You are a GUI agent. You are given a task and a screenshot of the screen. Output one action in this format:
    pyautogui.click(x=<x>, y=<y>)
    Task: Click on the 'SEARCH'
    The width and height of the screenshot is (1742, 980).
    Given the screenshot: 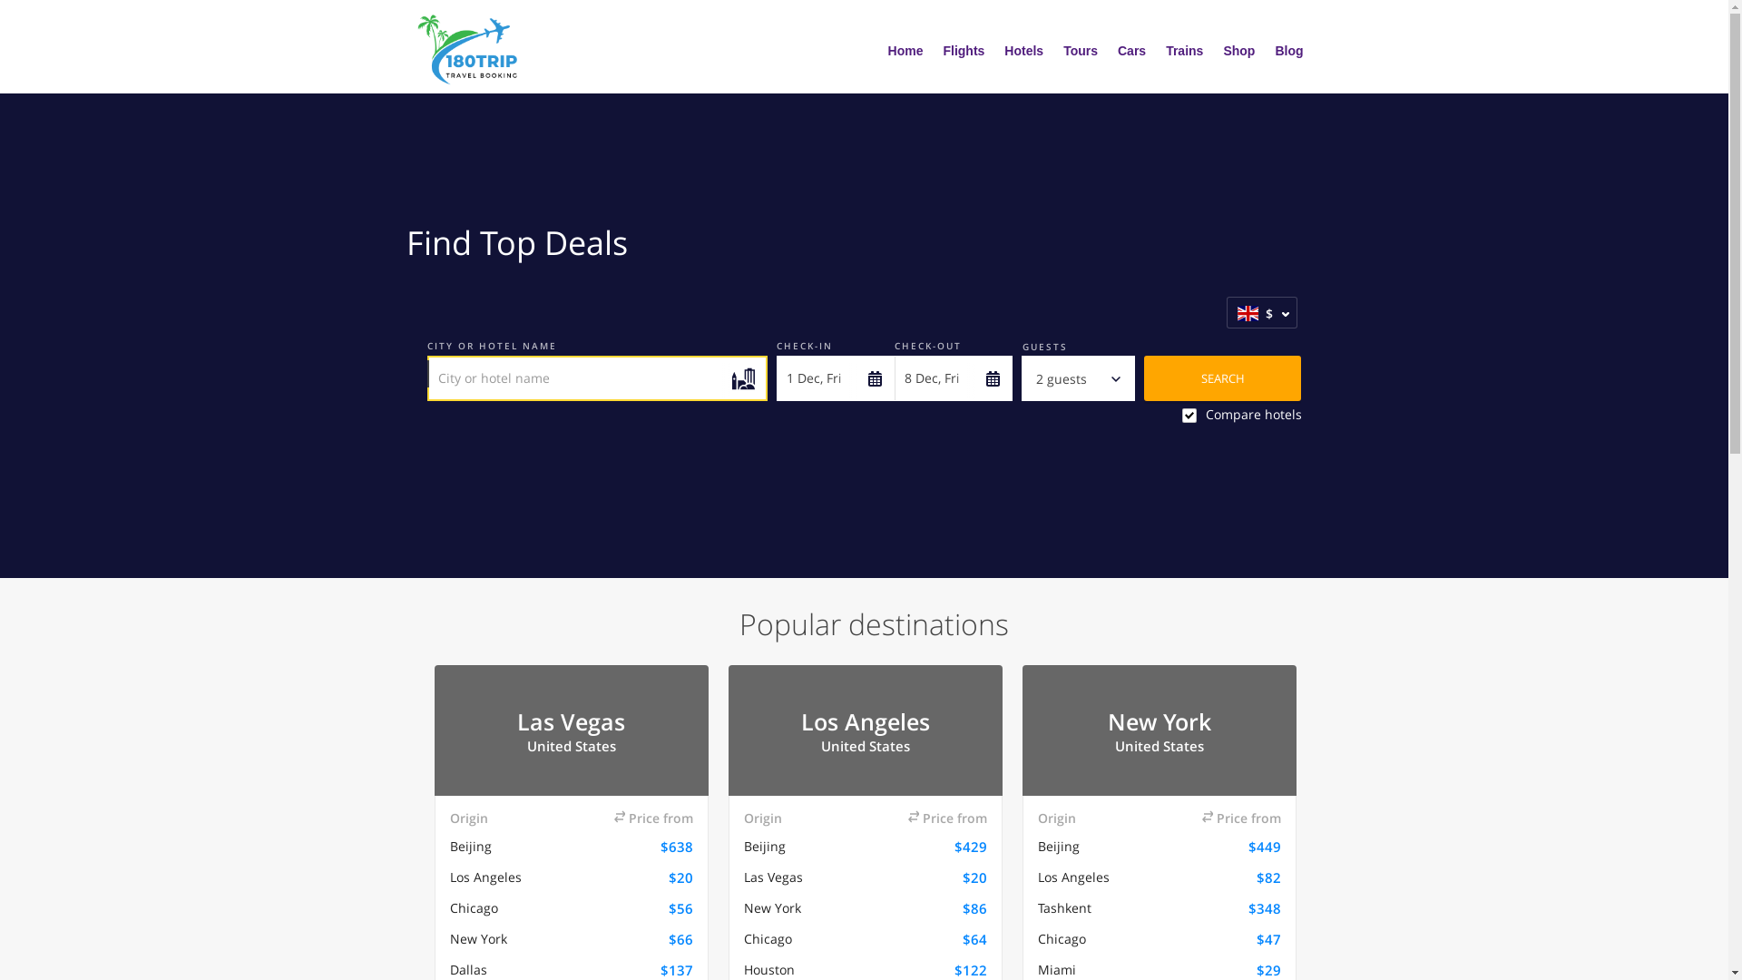 What is the action you would take?
    pyautogui.click(x=1143, y=377)
    